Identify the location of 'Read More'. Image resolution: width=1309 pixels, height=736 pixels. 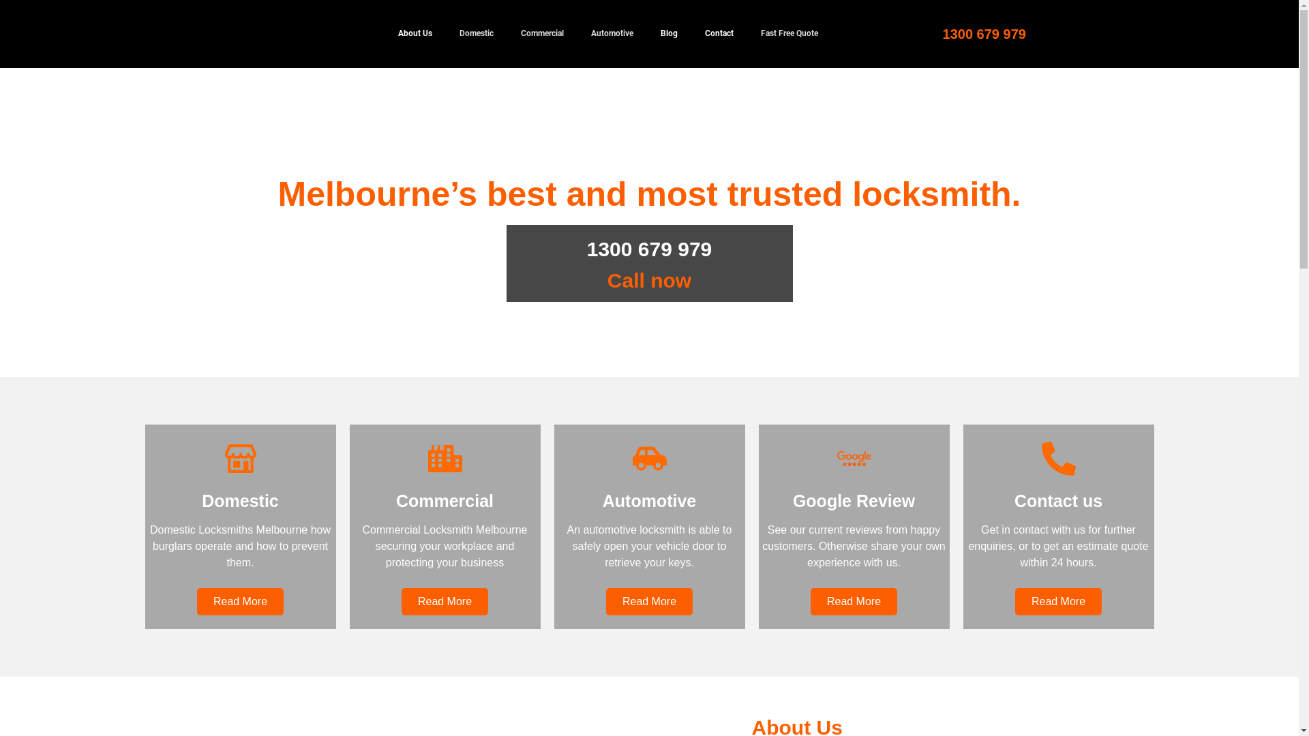
(853, 601).